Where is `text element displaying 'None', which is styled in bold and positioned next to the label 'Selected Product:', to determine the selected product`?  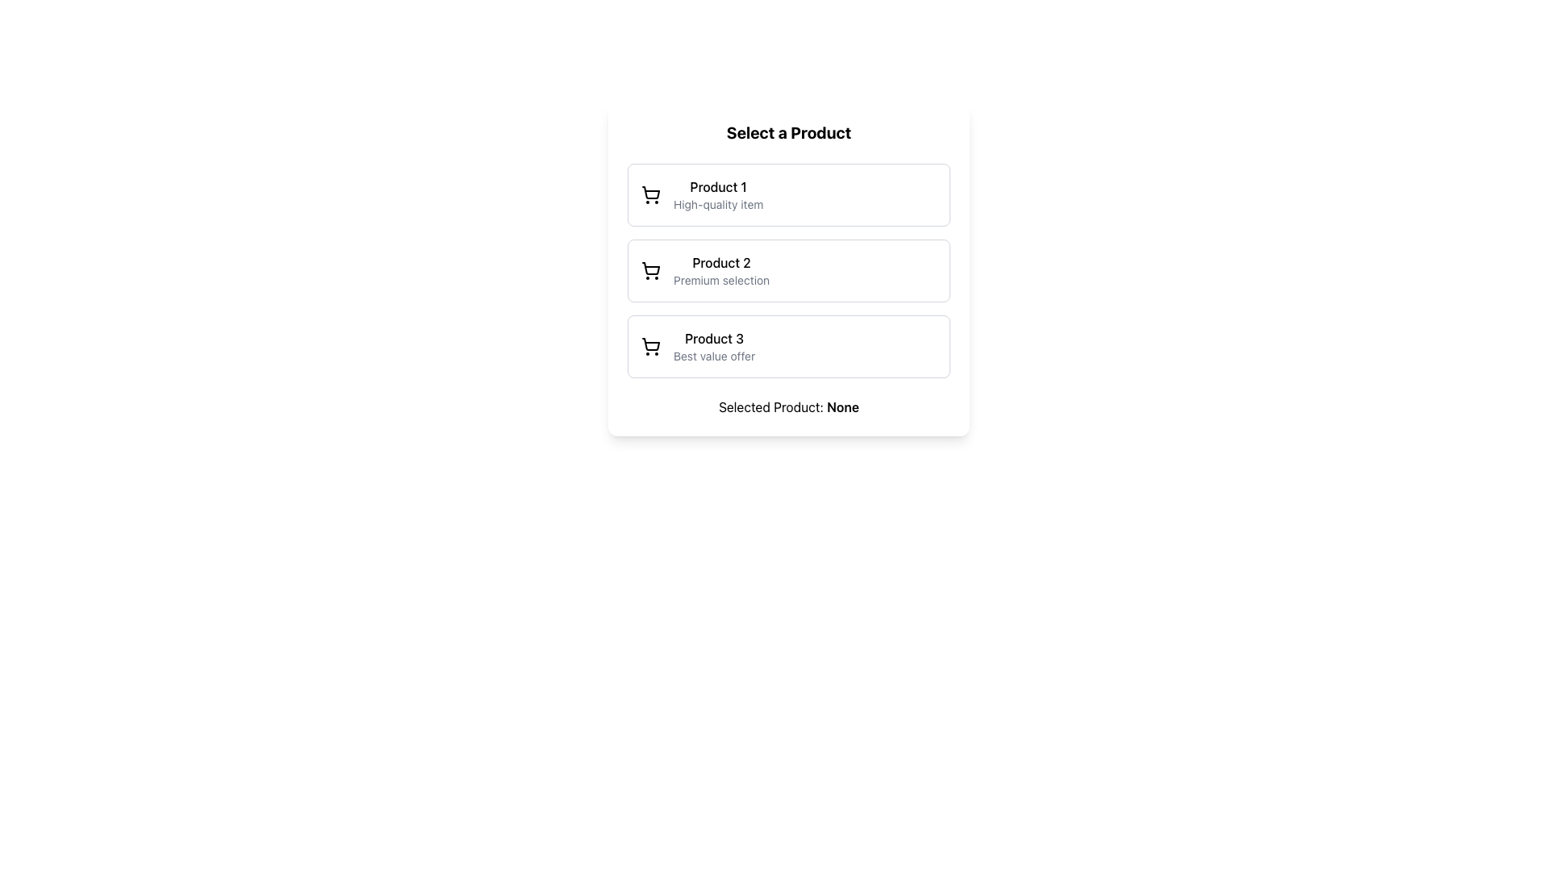
text element displaying 'None', which is styled in bold and positioned next to the label 'Selected Product:', to determine the selected product is located at coordinates (842, 406).